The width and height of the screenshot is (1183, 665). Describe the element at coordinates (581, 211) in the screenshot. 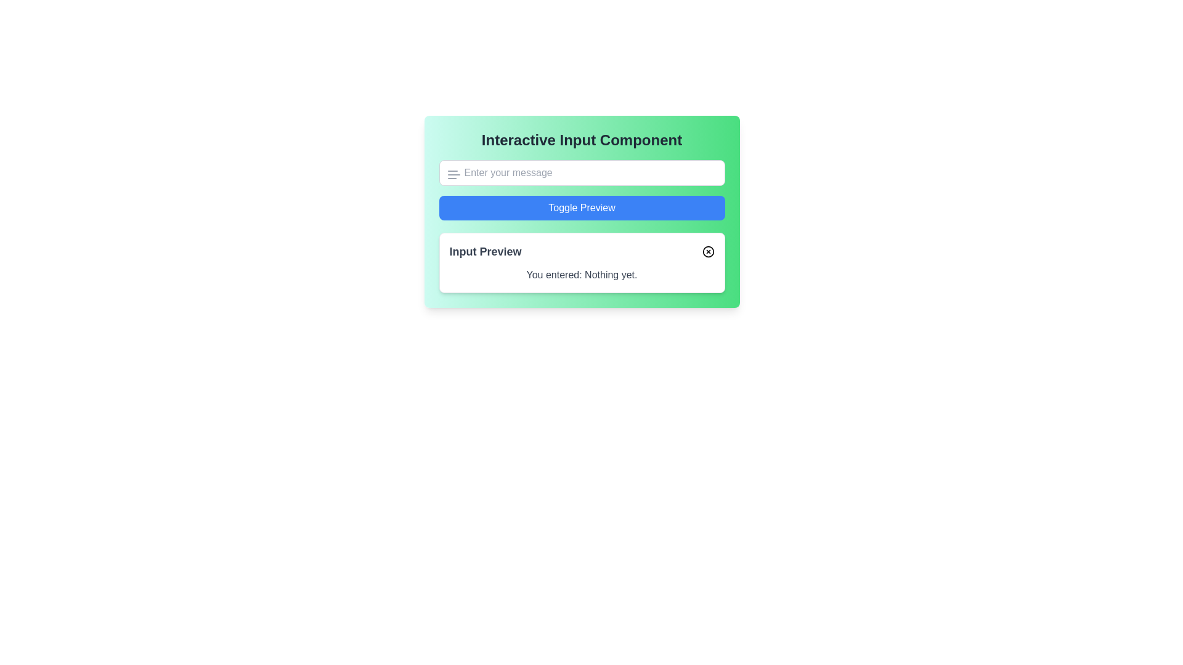

I see `the button that toggles the visibility of the preview component` at that location.